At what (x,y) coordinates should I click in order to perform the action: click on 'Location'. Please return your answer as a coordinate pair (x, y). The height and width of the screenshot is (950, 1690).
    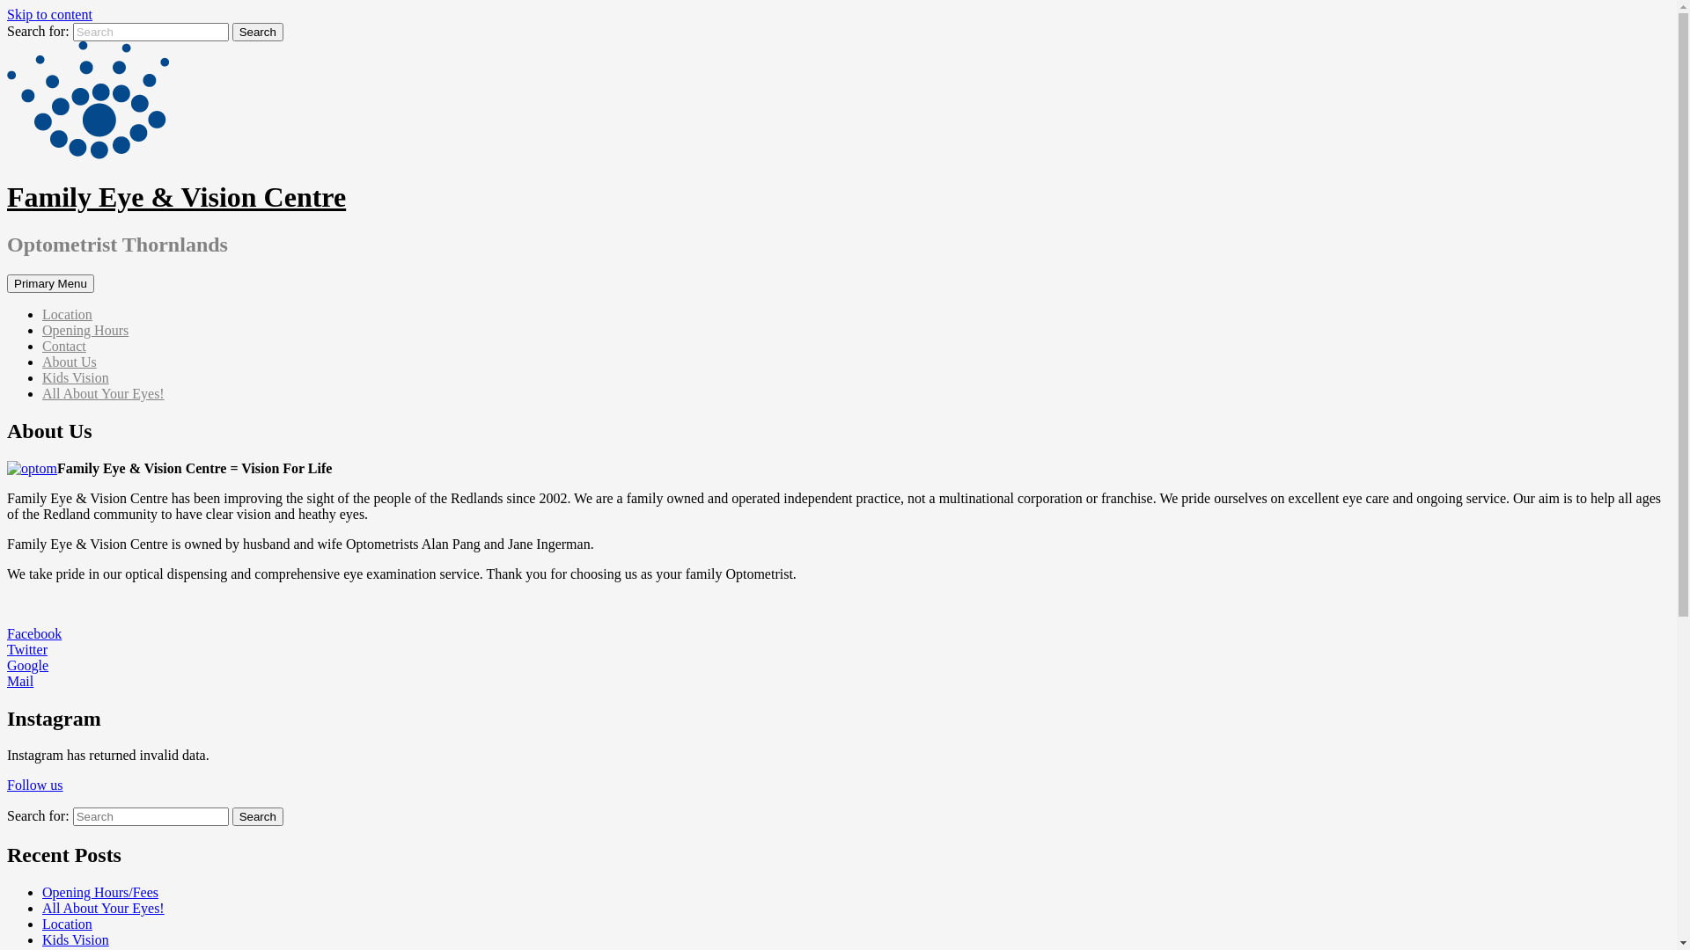
    Looking at the image, I should click on (67, 923).